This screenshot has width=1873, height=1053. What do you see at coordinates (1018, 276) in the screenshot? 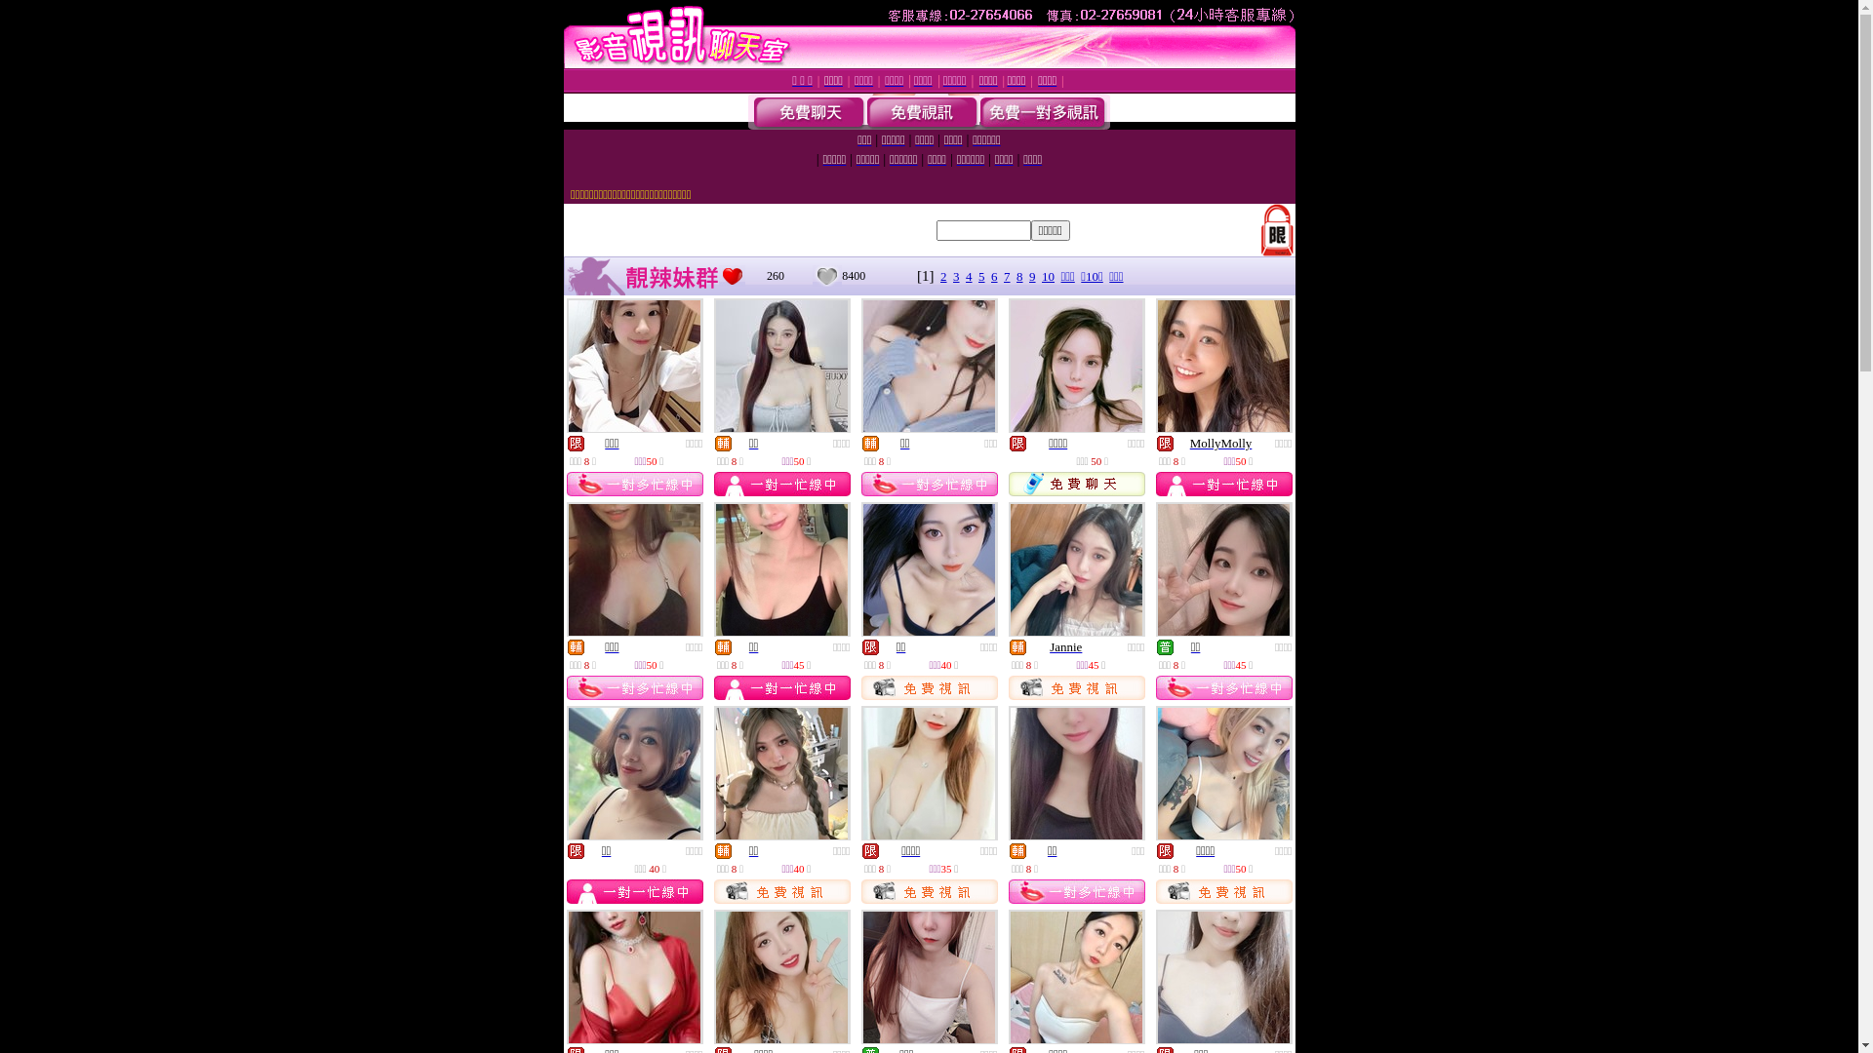
I see `'8'` at bounding box center [1018, 276].